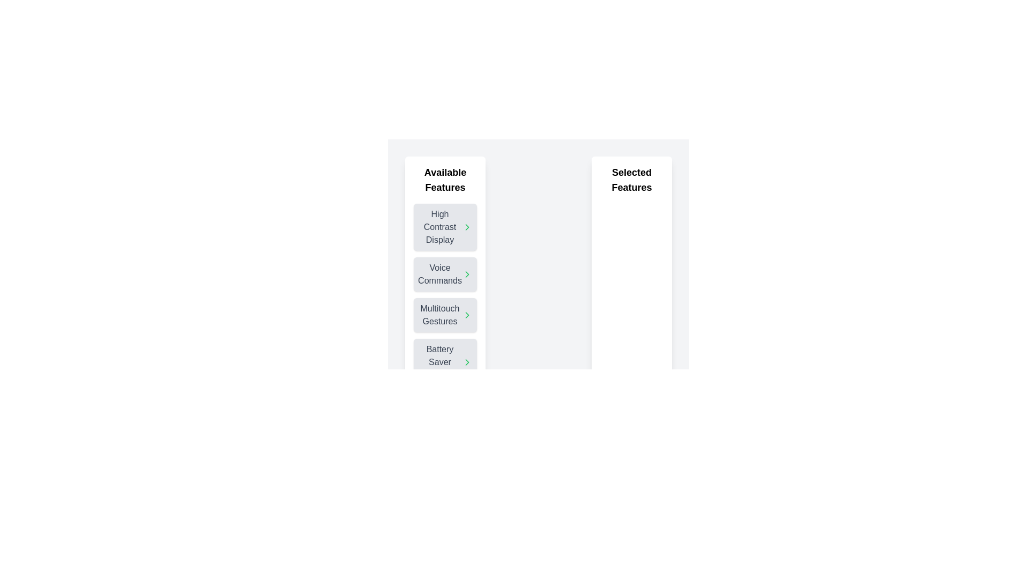  Describe the element at coordinates (467, 227) in the screenshot. I see `the transfer button for the item 'High Contrast Display' in the available features list to move it to the selected features list` at that location.